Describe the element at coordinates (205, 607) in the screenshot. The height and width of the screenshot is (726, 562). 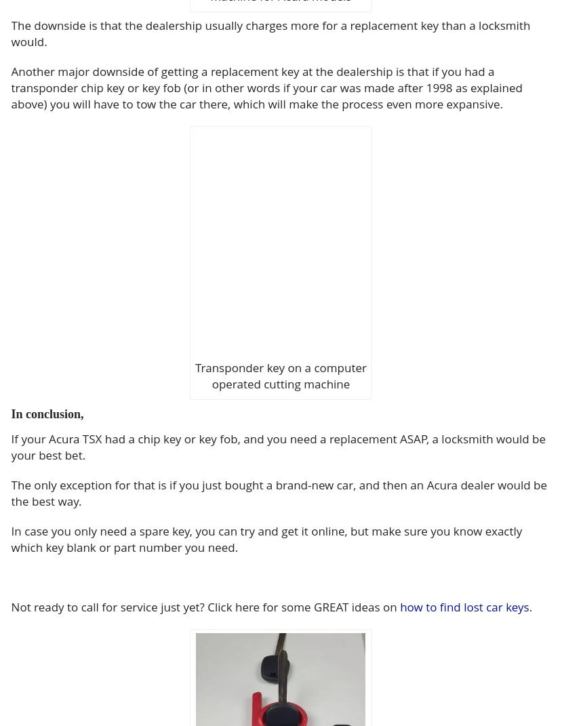
I see `'Not ready to call for service just yet? Click here for some GREAT ideas on'` at that location.